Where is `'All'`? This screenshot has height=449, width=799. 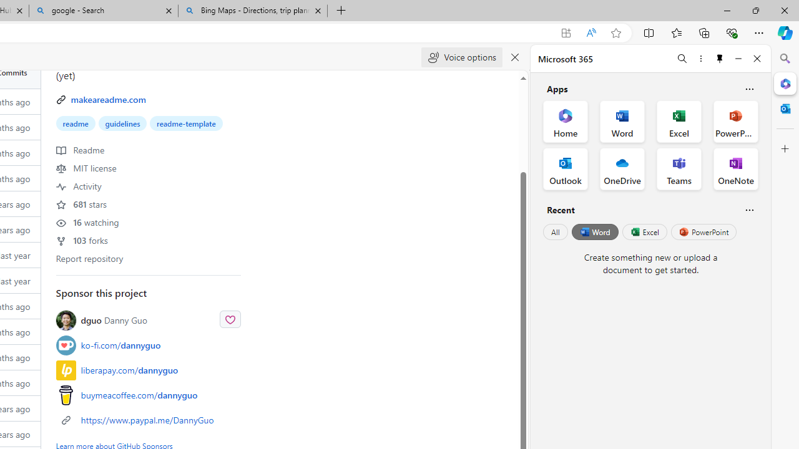
'All' is located at coordinates (555, 232).